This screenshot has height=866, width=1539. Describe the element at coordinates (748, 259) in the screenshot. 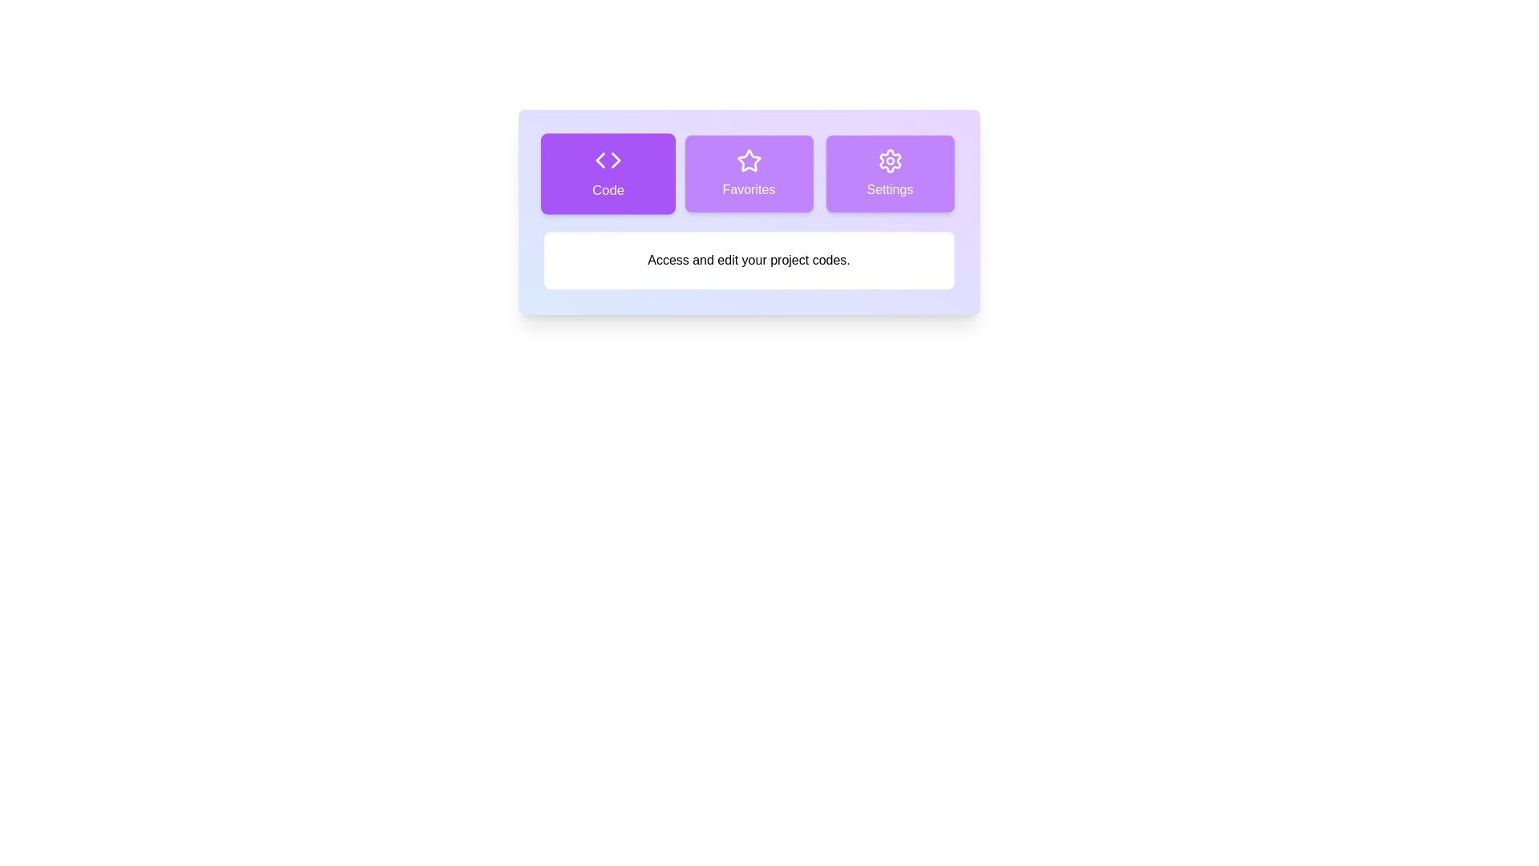

I see `text displayed in the text block that says 'Access and edit your project codes.'` at that location.